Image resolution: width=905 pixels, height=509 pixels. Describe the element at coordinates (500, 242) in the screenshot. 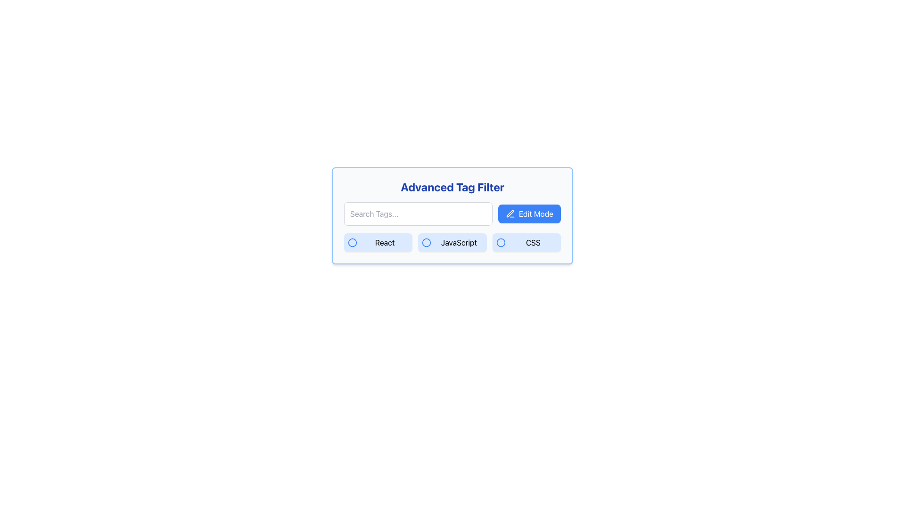

I see `the filled circular SVG element located at the center of the 'Advanced Tag Filter' dialog, which is part of a decorative or functional group of icons` at that location.